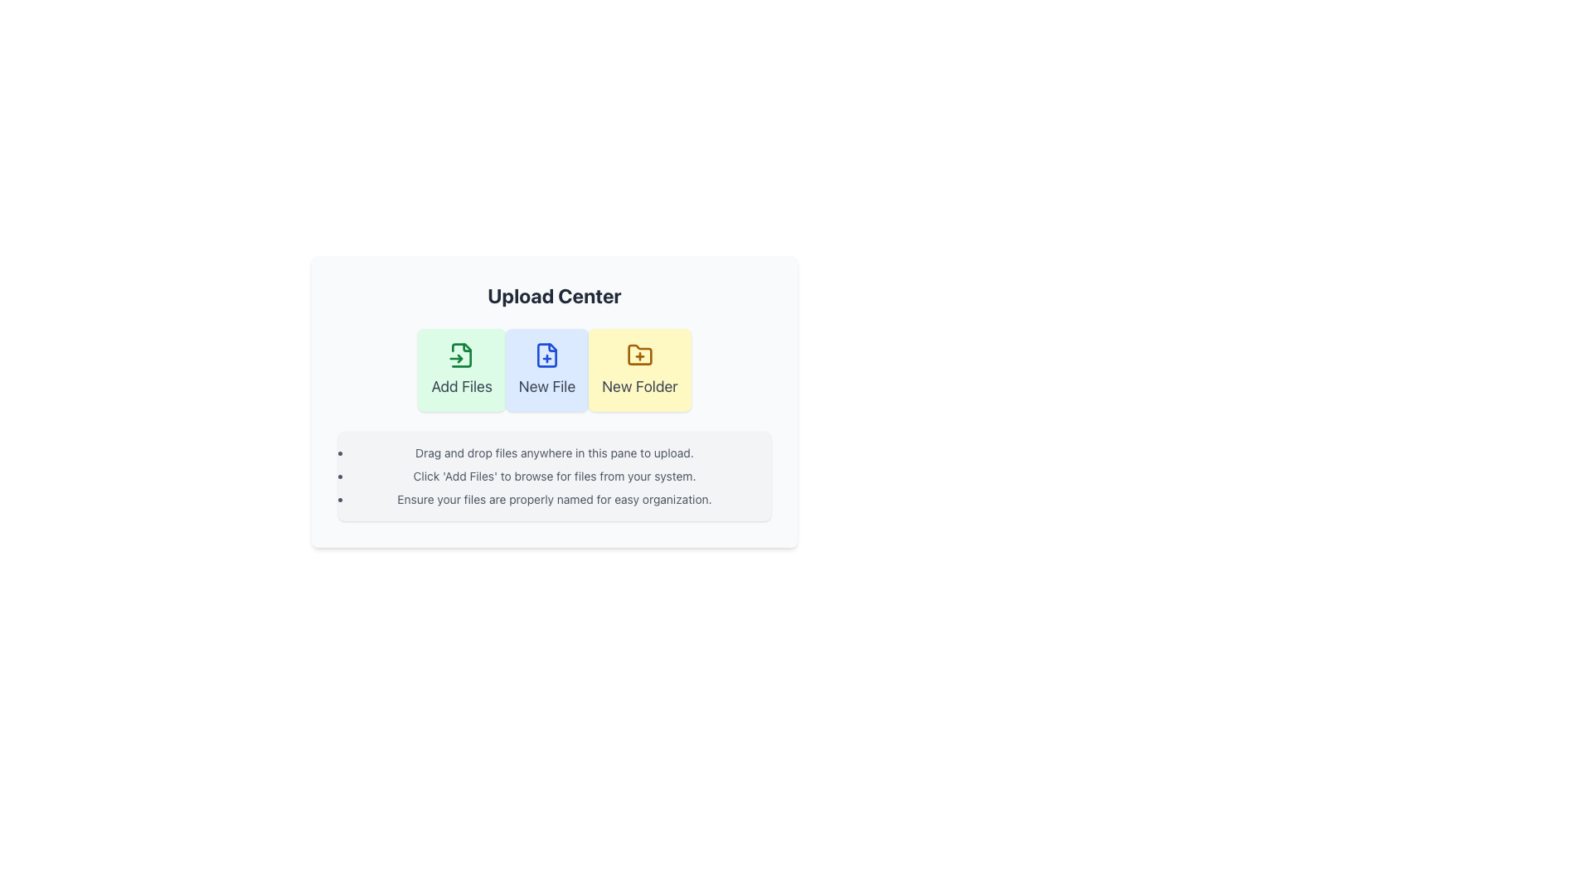  Describe the element at coordinates (547, 354) in the screenshot. I see `the 'New File' icon located in the center column of the 'Upload Center' card to initiate the 'New File' action` at that location.